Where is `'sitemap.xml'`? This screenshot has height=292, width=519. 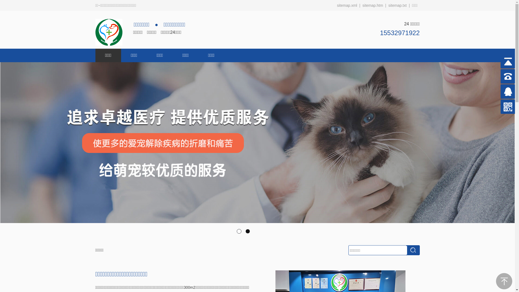 'sitemap.xml' is located at coordinates (347, 5).